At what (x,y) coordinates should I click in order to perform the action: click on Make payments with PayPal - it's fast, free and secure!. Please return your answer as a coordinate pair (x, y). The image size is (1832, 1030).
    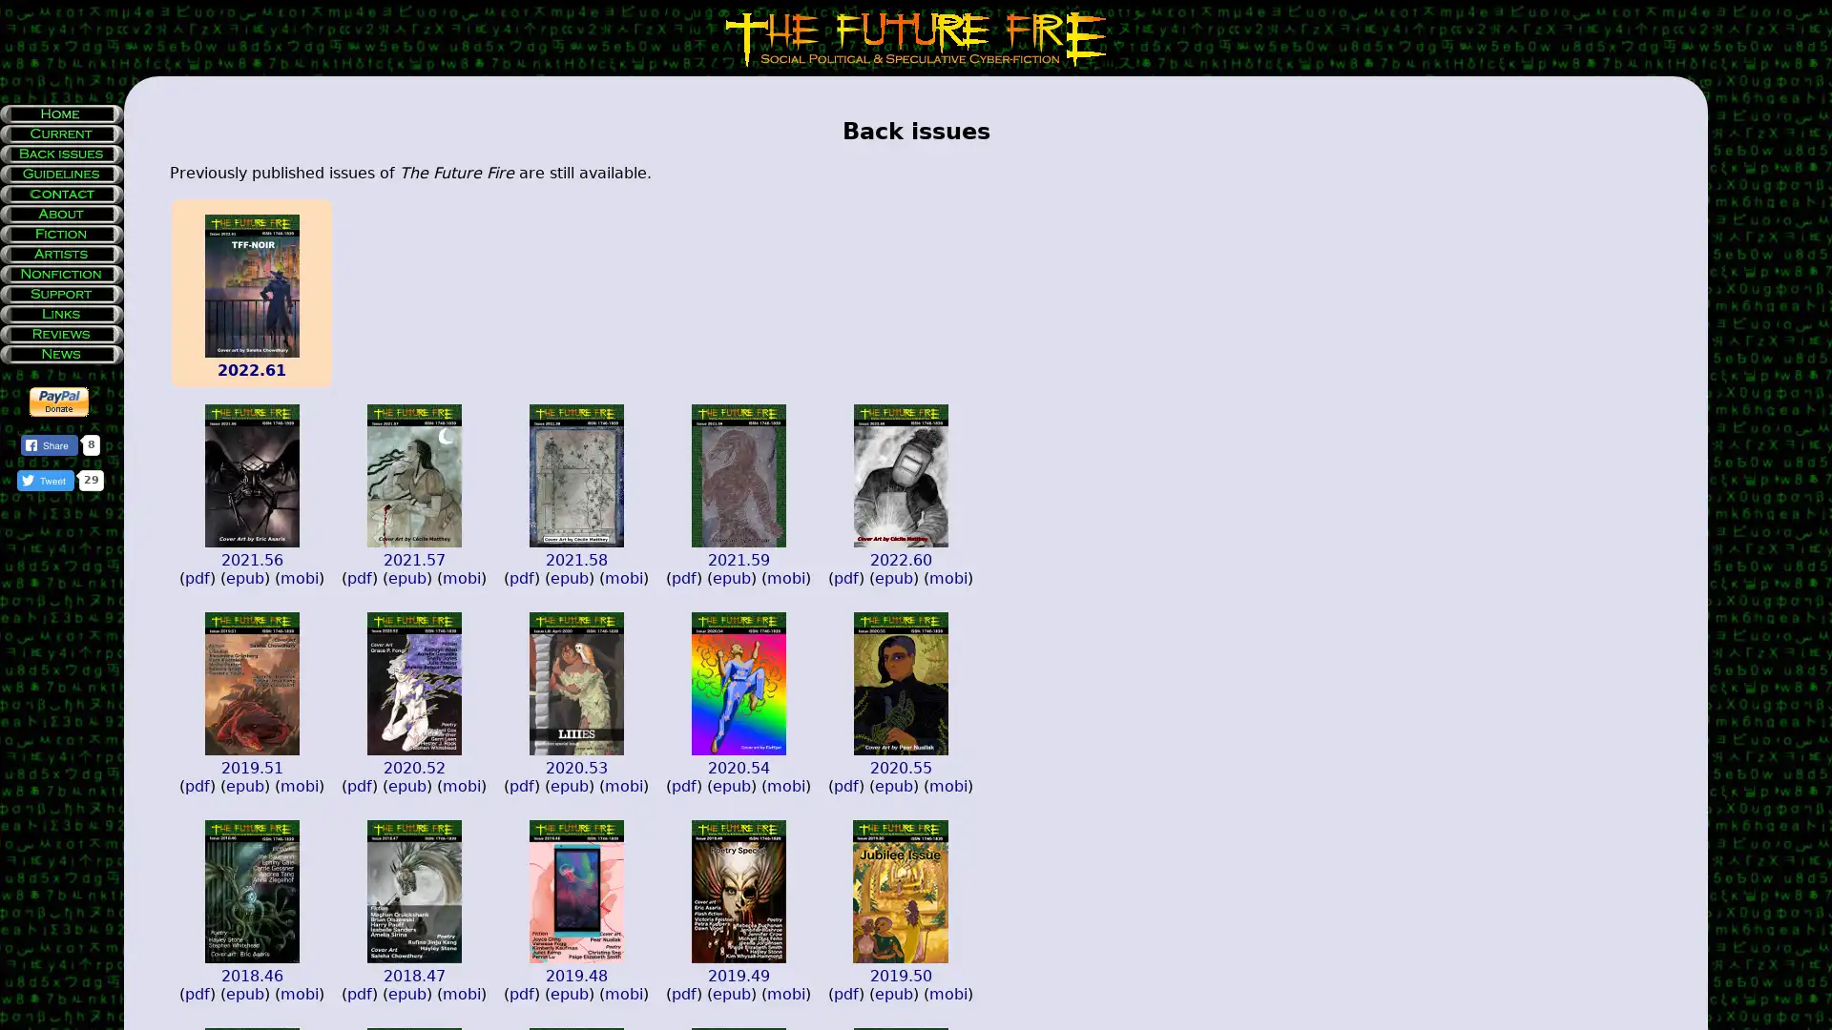
    Looking at the image, I should click on (59, 401).